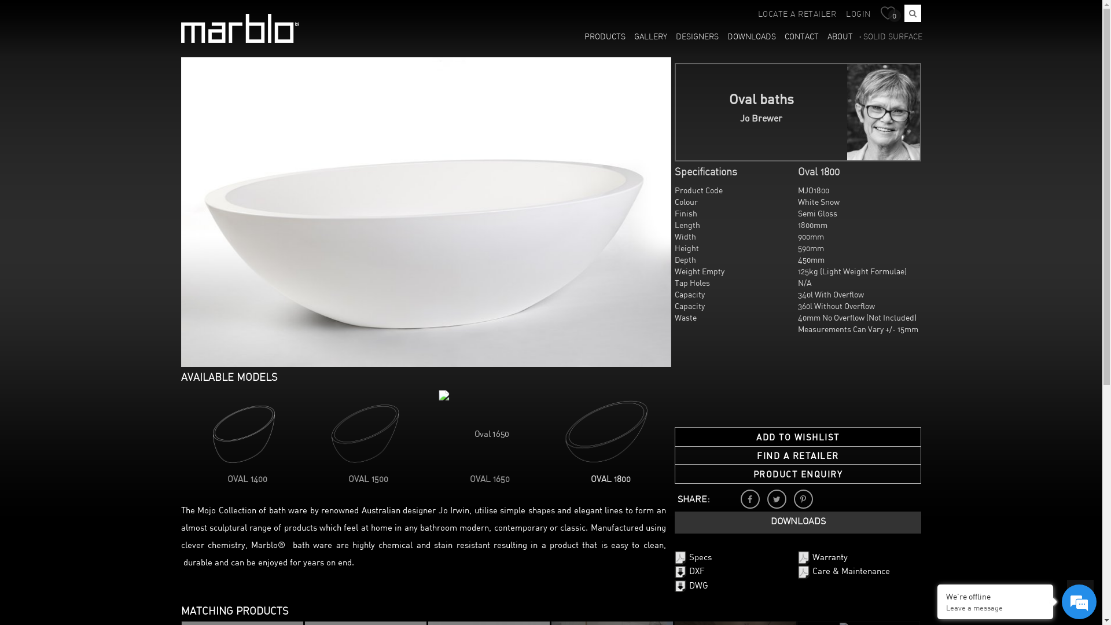  I want to click on '0', so click(890, 14).